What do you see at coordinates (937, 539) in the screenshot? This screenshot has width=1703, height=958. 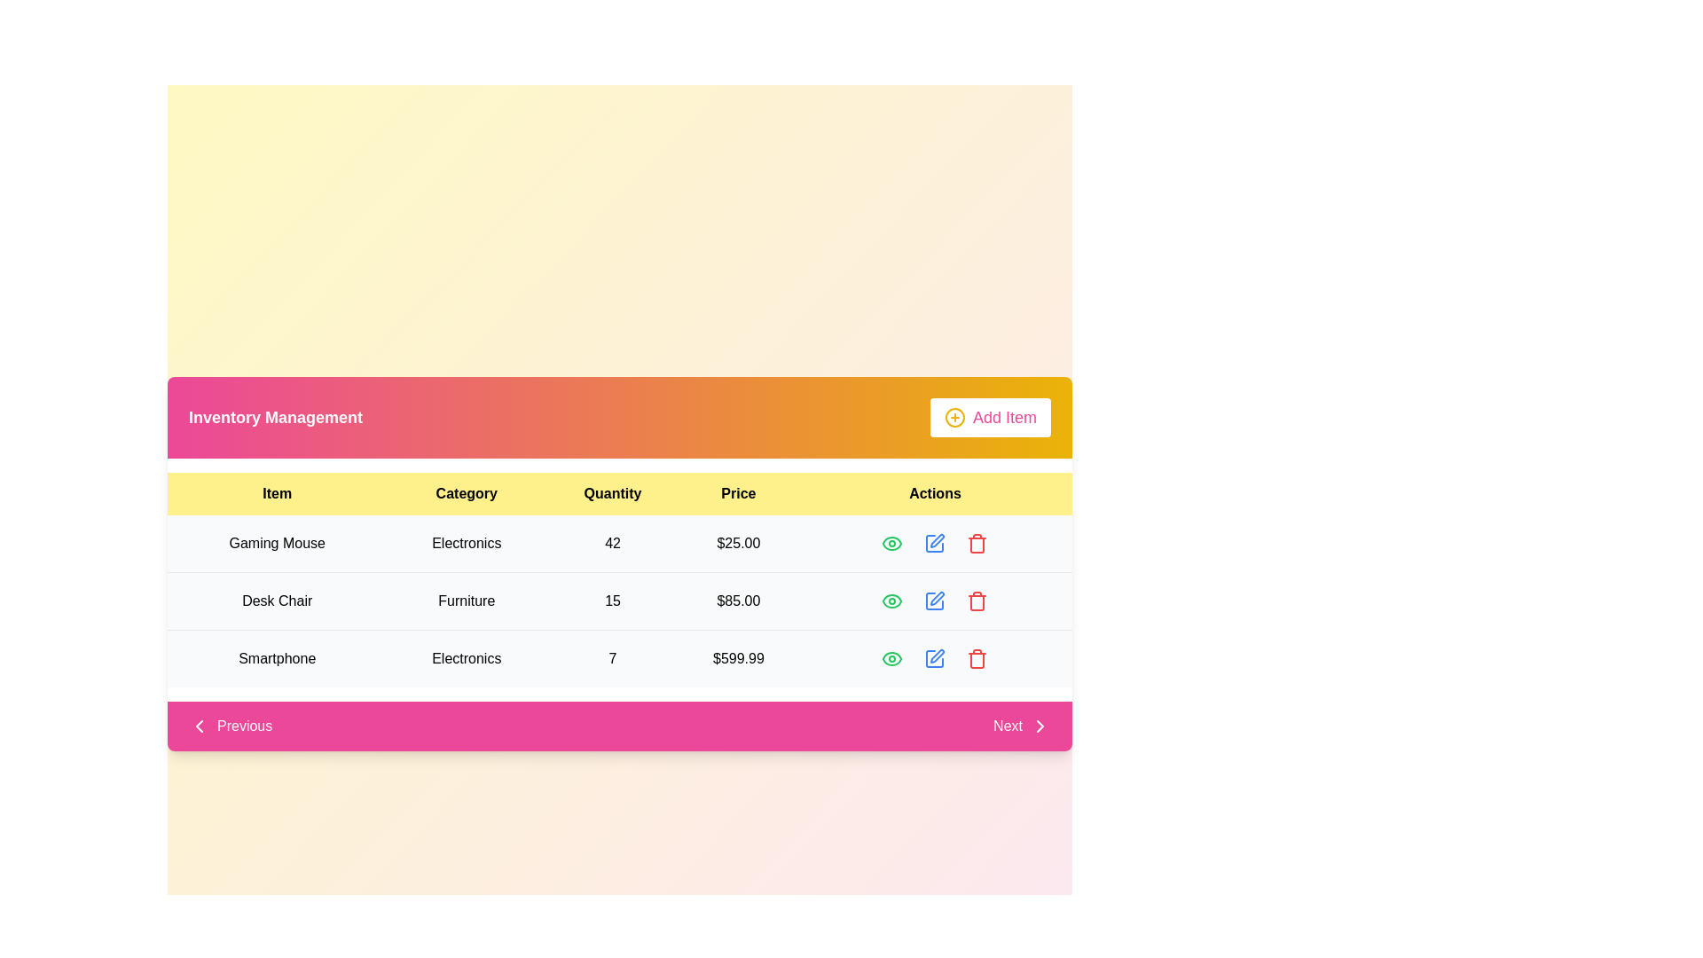 I see `the editing icon (pen inside a square) located in the Actions column of the second row corresponding to the Desk Chair item` at bounding box center [937, 539].